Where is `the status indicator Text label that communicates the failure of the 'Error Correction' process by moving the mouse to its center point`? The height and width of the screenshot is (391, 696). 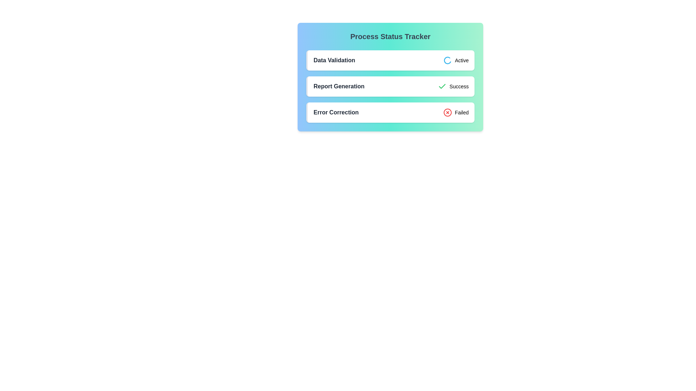 the status indicator Text label that communicates the failure of the 'Error Correction' process by moving the mouse to its center point is located at coordinates (461, 113).